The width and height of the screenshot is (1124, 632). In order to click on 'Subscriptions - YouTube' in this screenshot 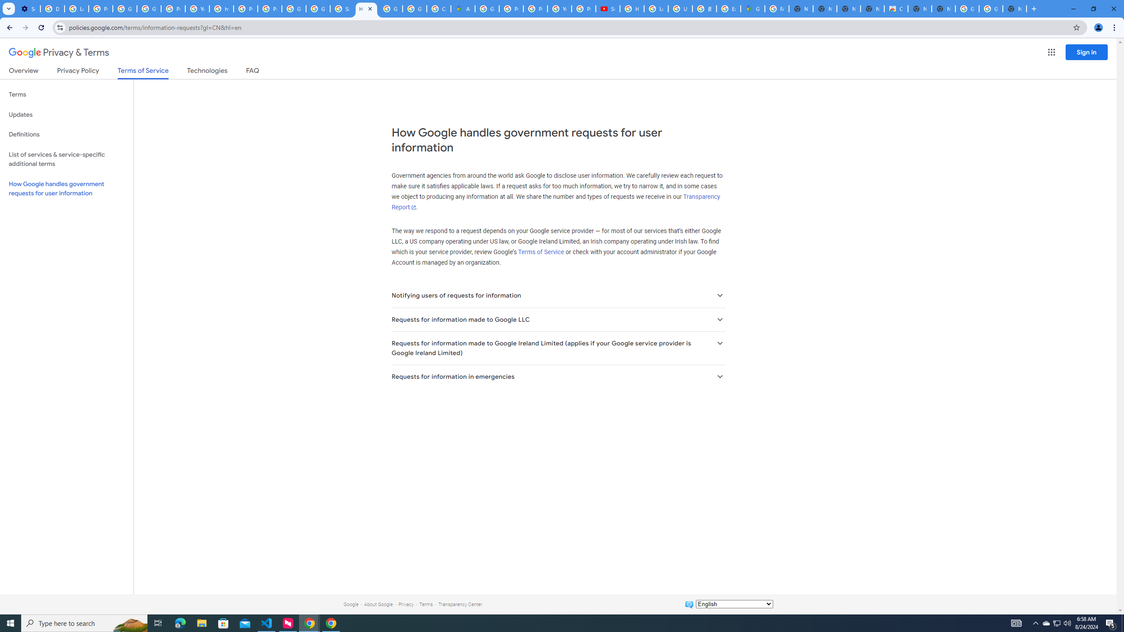, I will do `click(607, 8)`.